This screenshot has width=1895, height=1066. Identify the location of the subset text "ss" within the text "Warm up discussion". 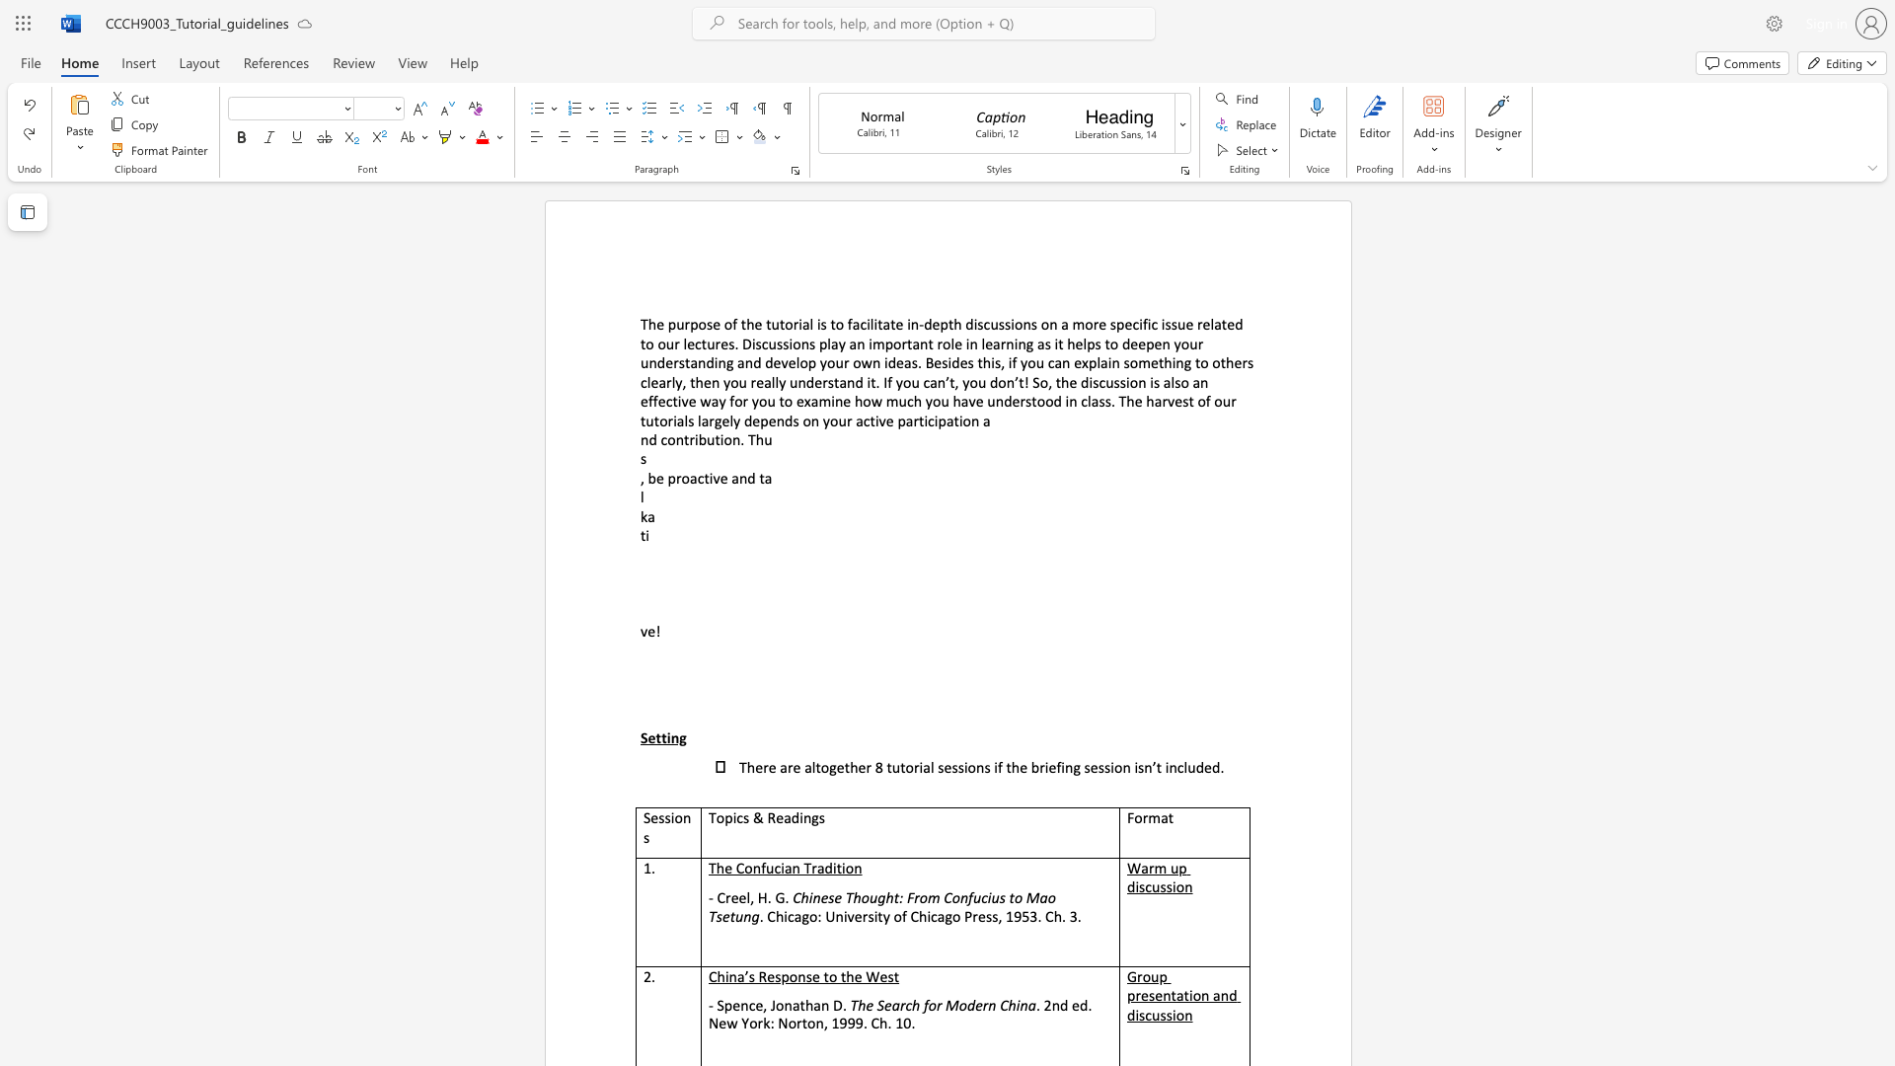
(1160, 885).